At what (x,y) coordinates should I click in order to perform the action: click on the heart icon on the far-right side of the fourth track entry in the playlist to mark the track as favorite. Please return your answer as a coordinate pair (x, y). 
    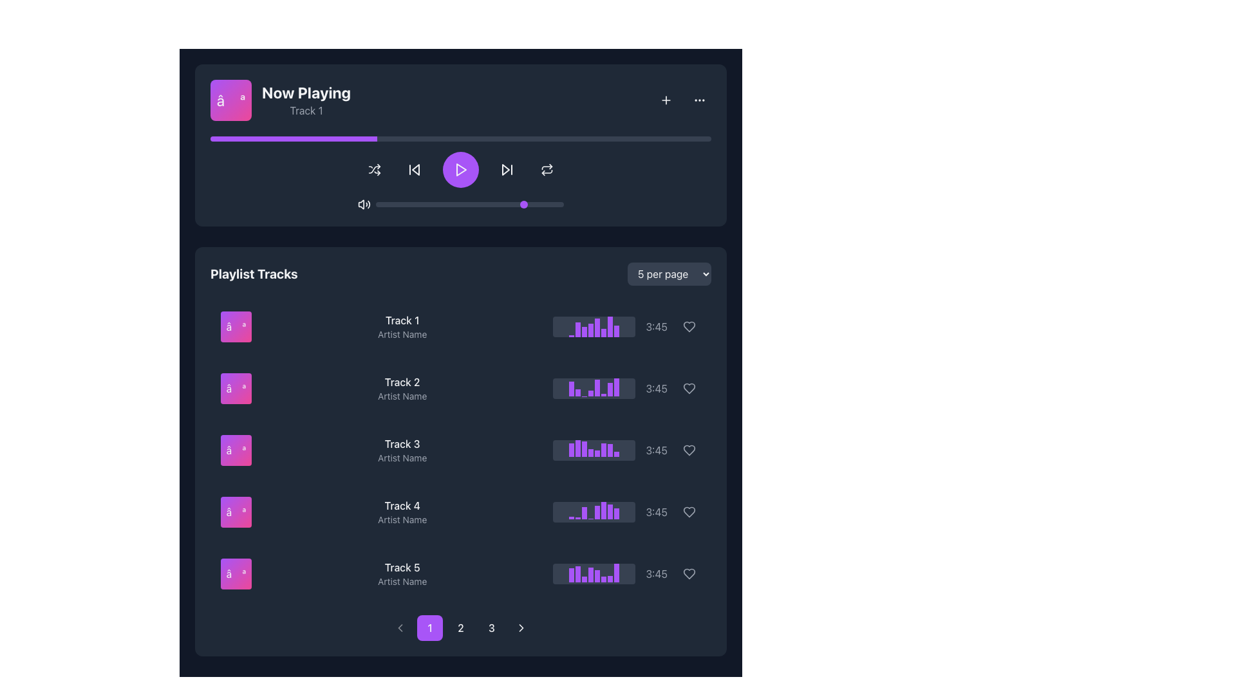
    Looking at the image, I should click on (688, 511).